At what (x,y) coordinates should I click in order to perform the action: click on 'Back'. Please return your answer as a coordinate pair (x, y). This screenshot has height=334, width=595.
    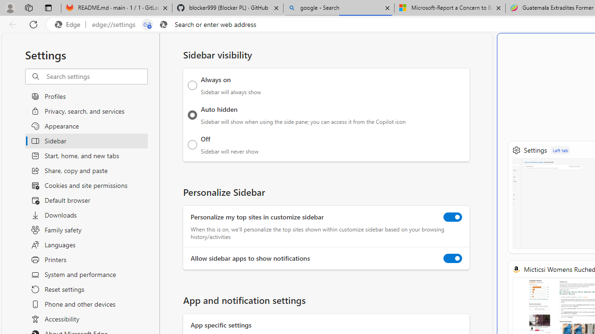
    Looking at the image, I should click on (11, 24).